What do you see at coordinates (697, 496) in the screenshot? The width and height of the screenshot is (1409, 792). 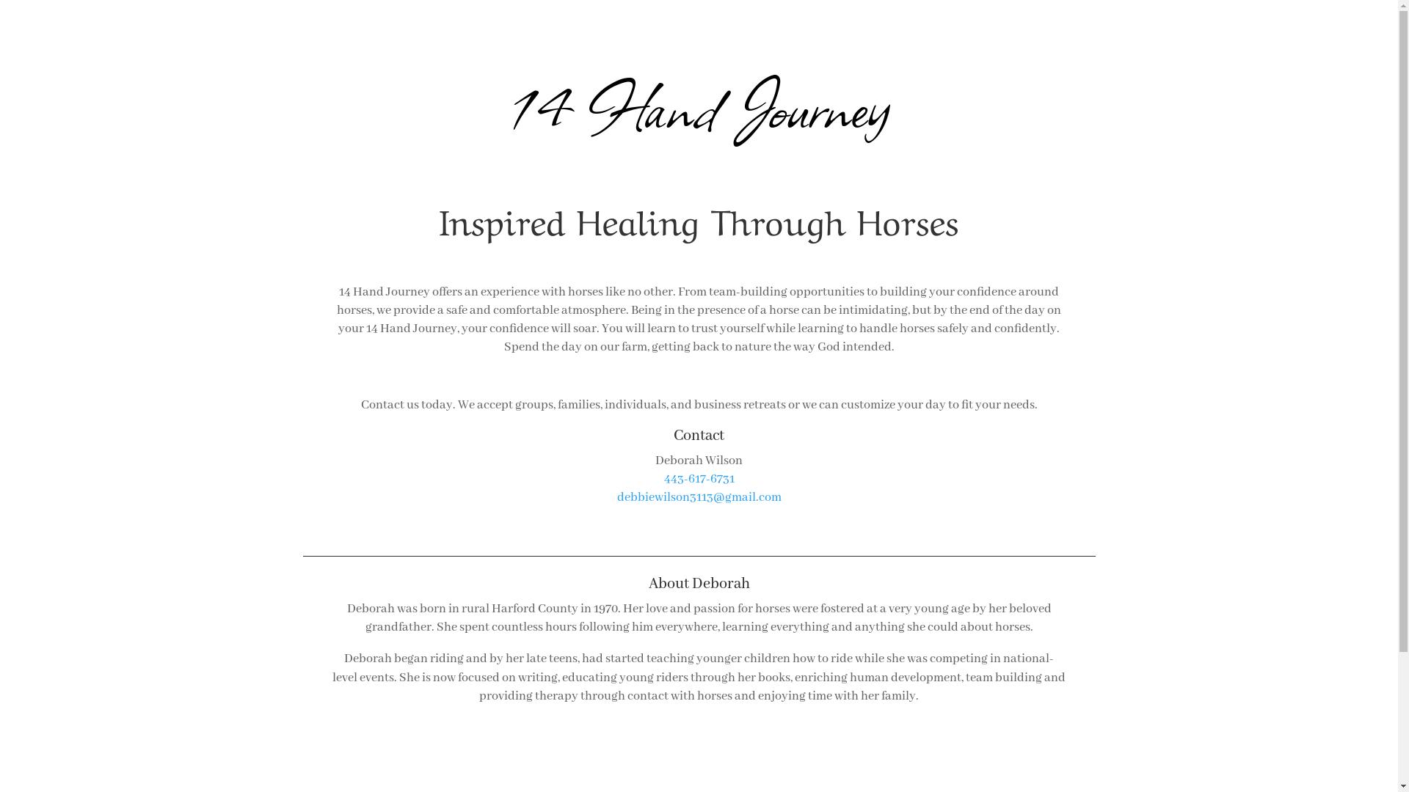 I see `'debbiewilson3113@gmail.com'` at bounding box center [697, 496].